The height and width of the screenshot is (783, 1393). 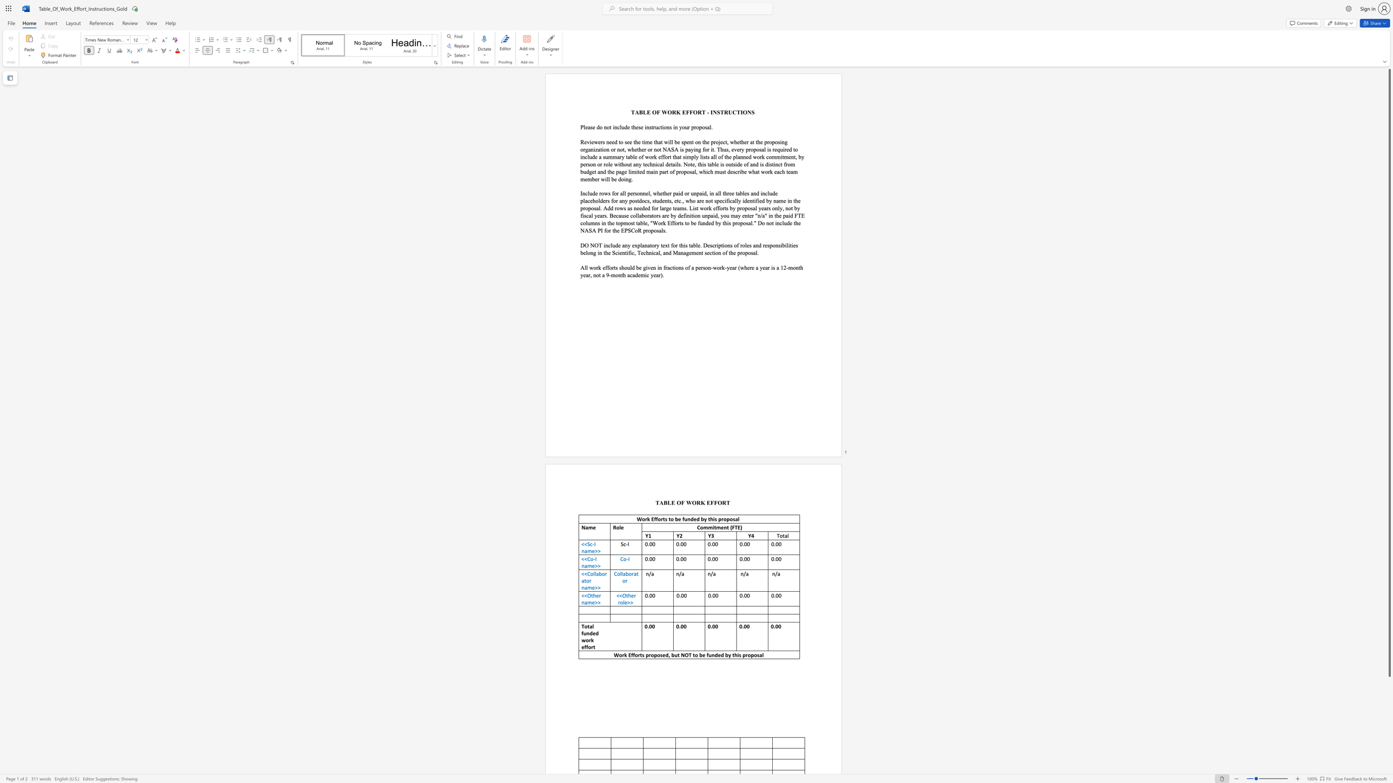 I want to click on the scrollbar to move the view down, so click(x=1389, y=688).